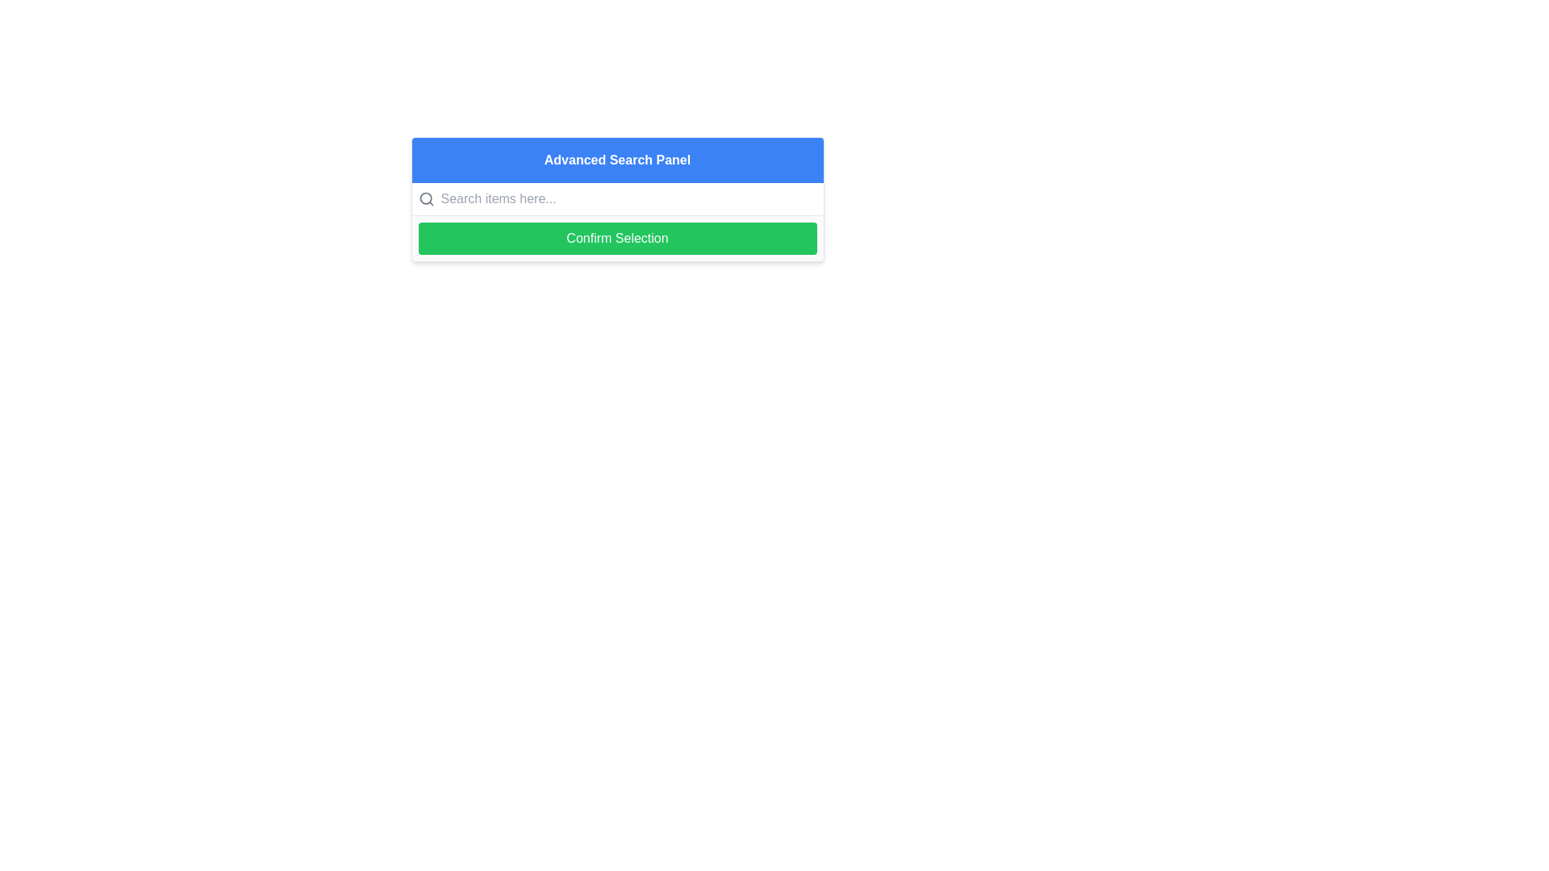 Image resolution: width=1549 pixels, height=871 pixels. What do you see at coordinates (425, 198) in the screenshot?
I see `the small circle element within the magnifying glass icon, which is part of an SVG graphic` at bounding box center [425, 198].